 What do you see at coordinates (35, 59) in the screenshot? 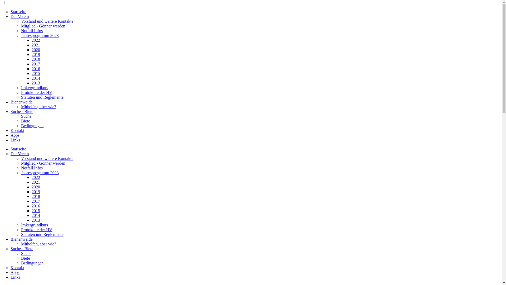
I see `'2018'` at bounding box center [35, 59].